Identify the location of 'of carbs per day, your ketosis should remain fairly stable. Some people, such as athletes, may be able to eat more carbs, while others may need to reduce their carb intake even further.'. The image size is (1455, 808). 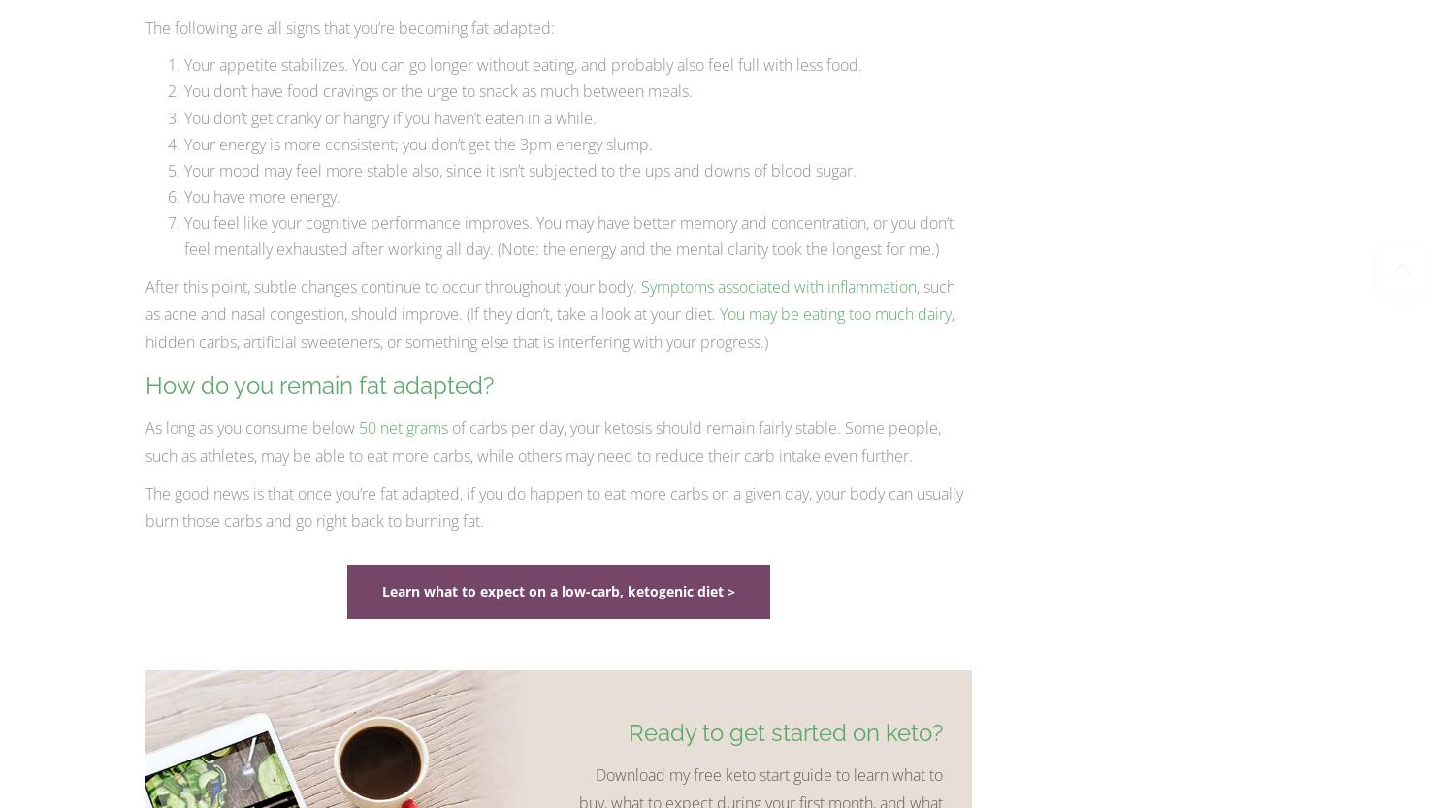
(542, 439).